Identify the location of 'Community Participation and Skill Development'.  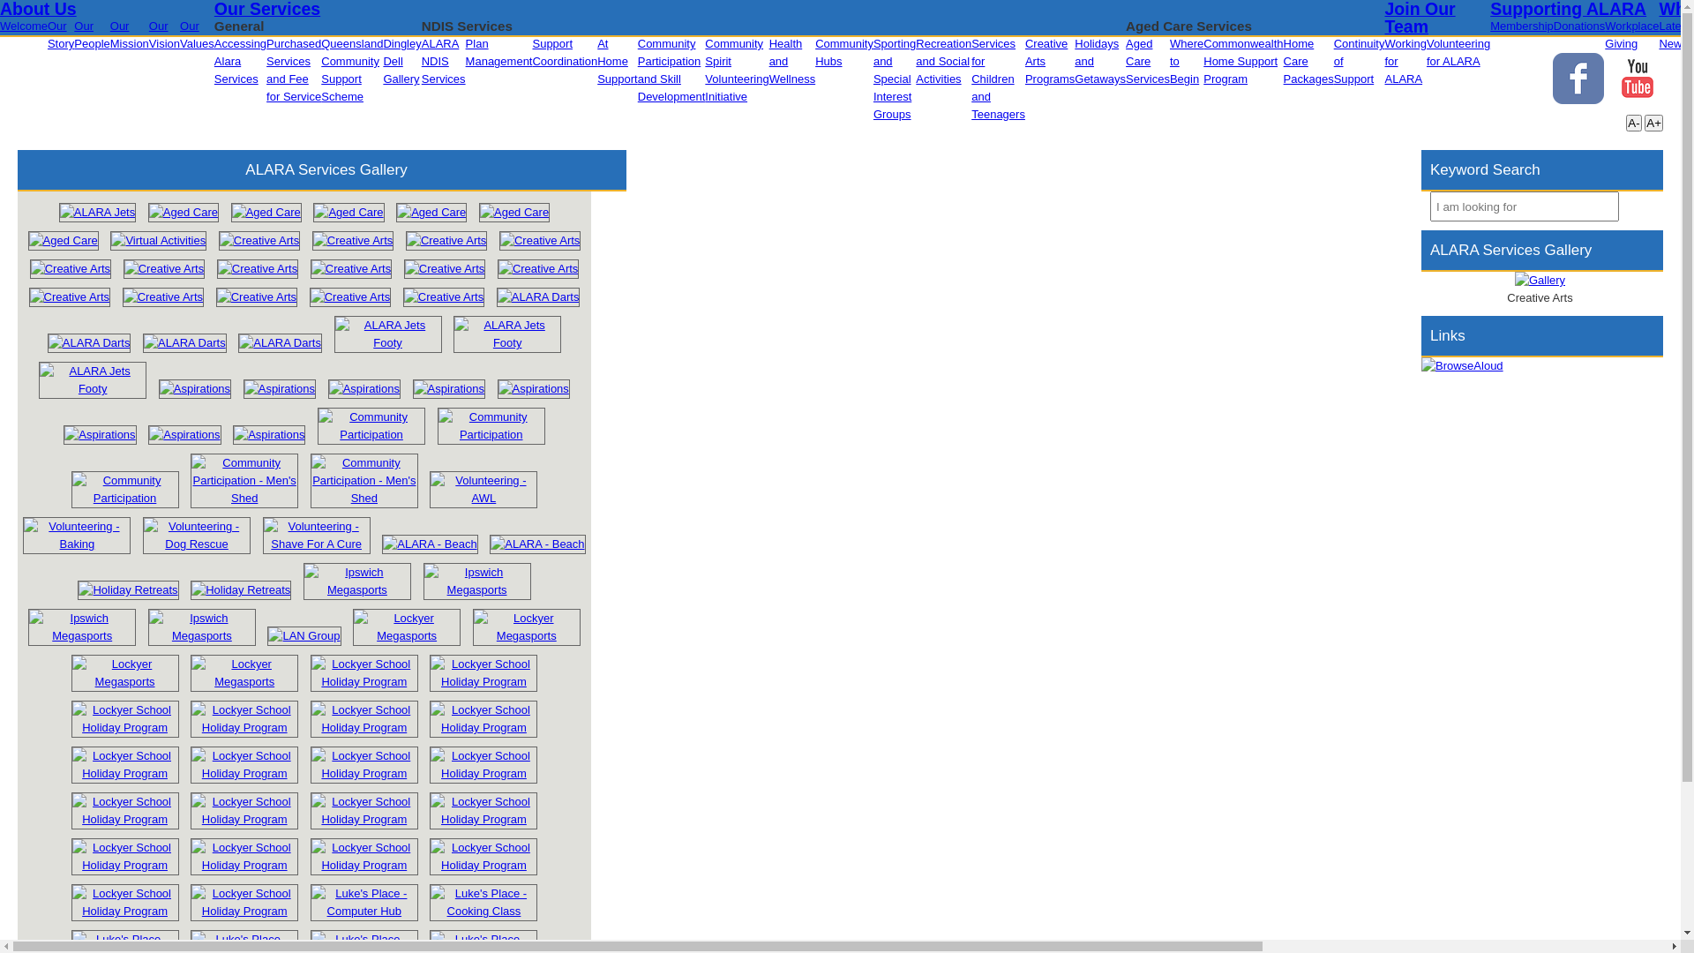
(671, 69).